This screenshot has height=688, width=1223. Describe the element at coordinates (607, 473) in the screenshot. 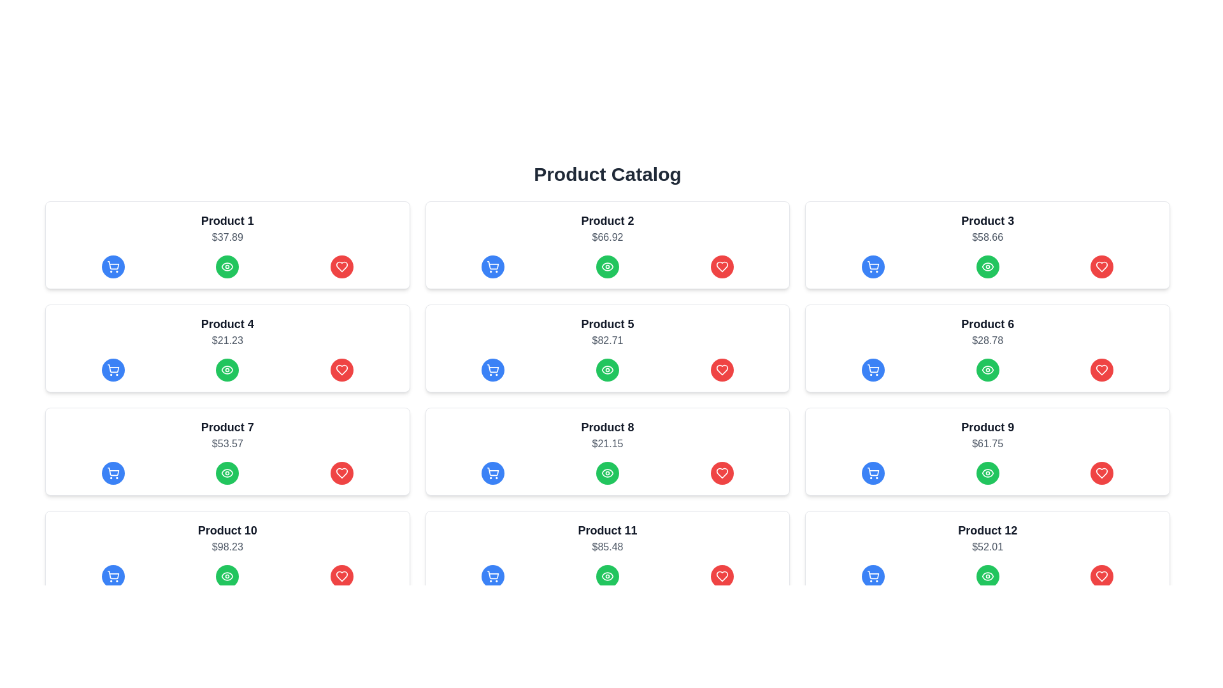

I see `the second button in the third row of the button grid` at that location.